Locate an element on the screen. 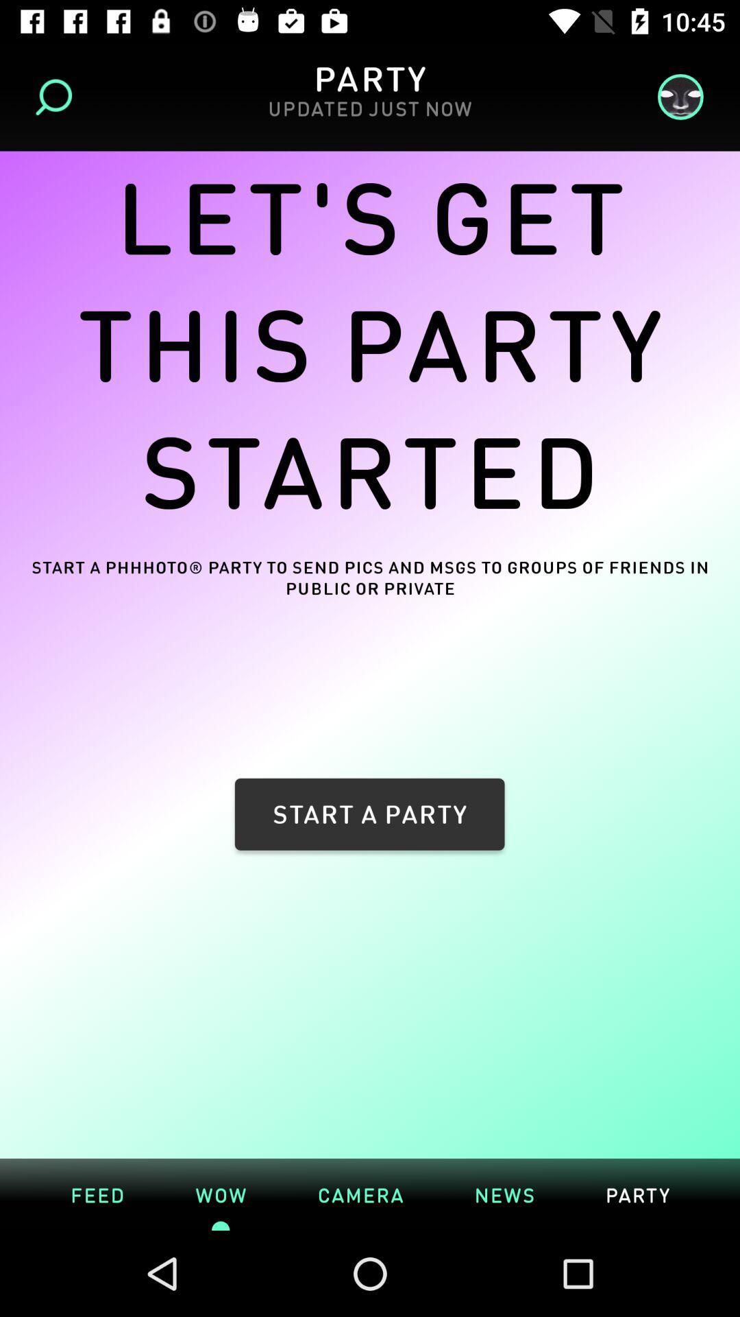 The width and height of the screenshot is (740, 1317). the news icon is located at coordinates (504, 1194).